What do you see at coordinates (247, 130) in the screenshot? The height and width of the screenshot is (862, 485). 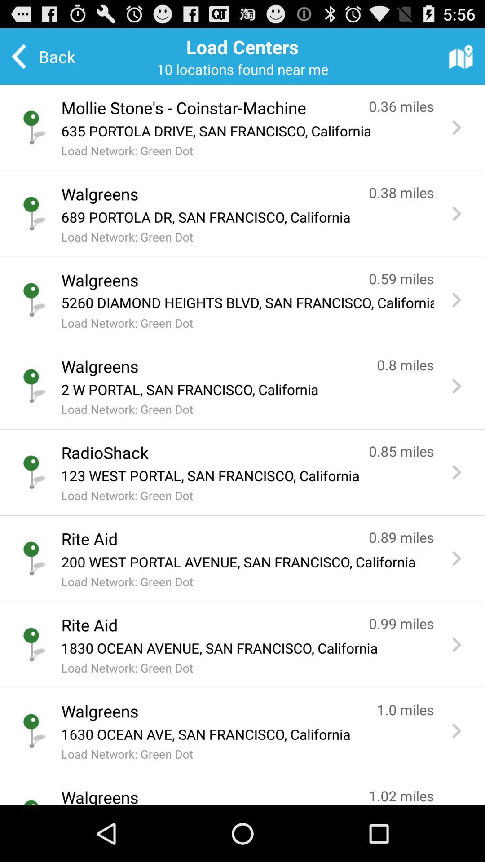 I see `635 portola drive icon` at bounding box center [247, 130].